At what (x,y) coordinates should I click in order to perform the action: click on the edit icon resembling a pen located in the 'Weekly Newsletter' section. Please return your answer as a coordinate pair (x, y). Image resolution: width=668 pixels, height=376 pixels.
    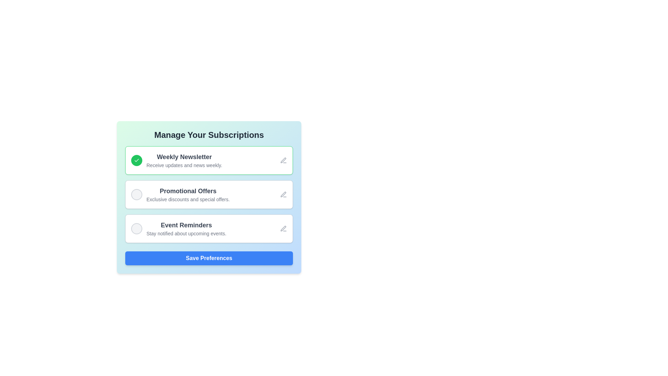
    Looking at the image, I should click on (283, 160).